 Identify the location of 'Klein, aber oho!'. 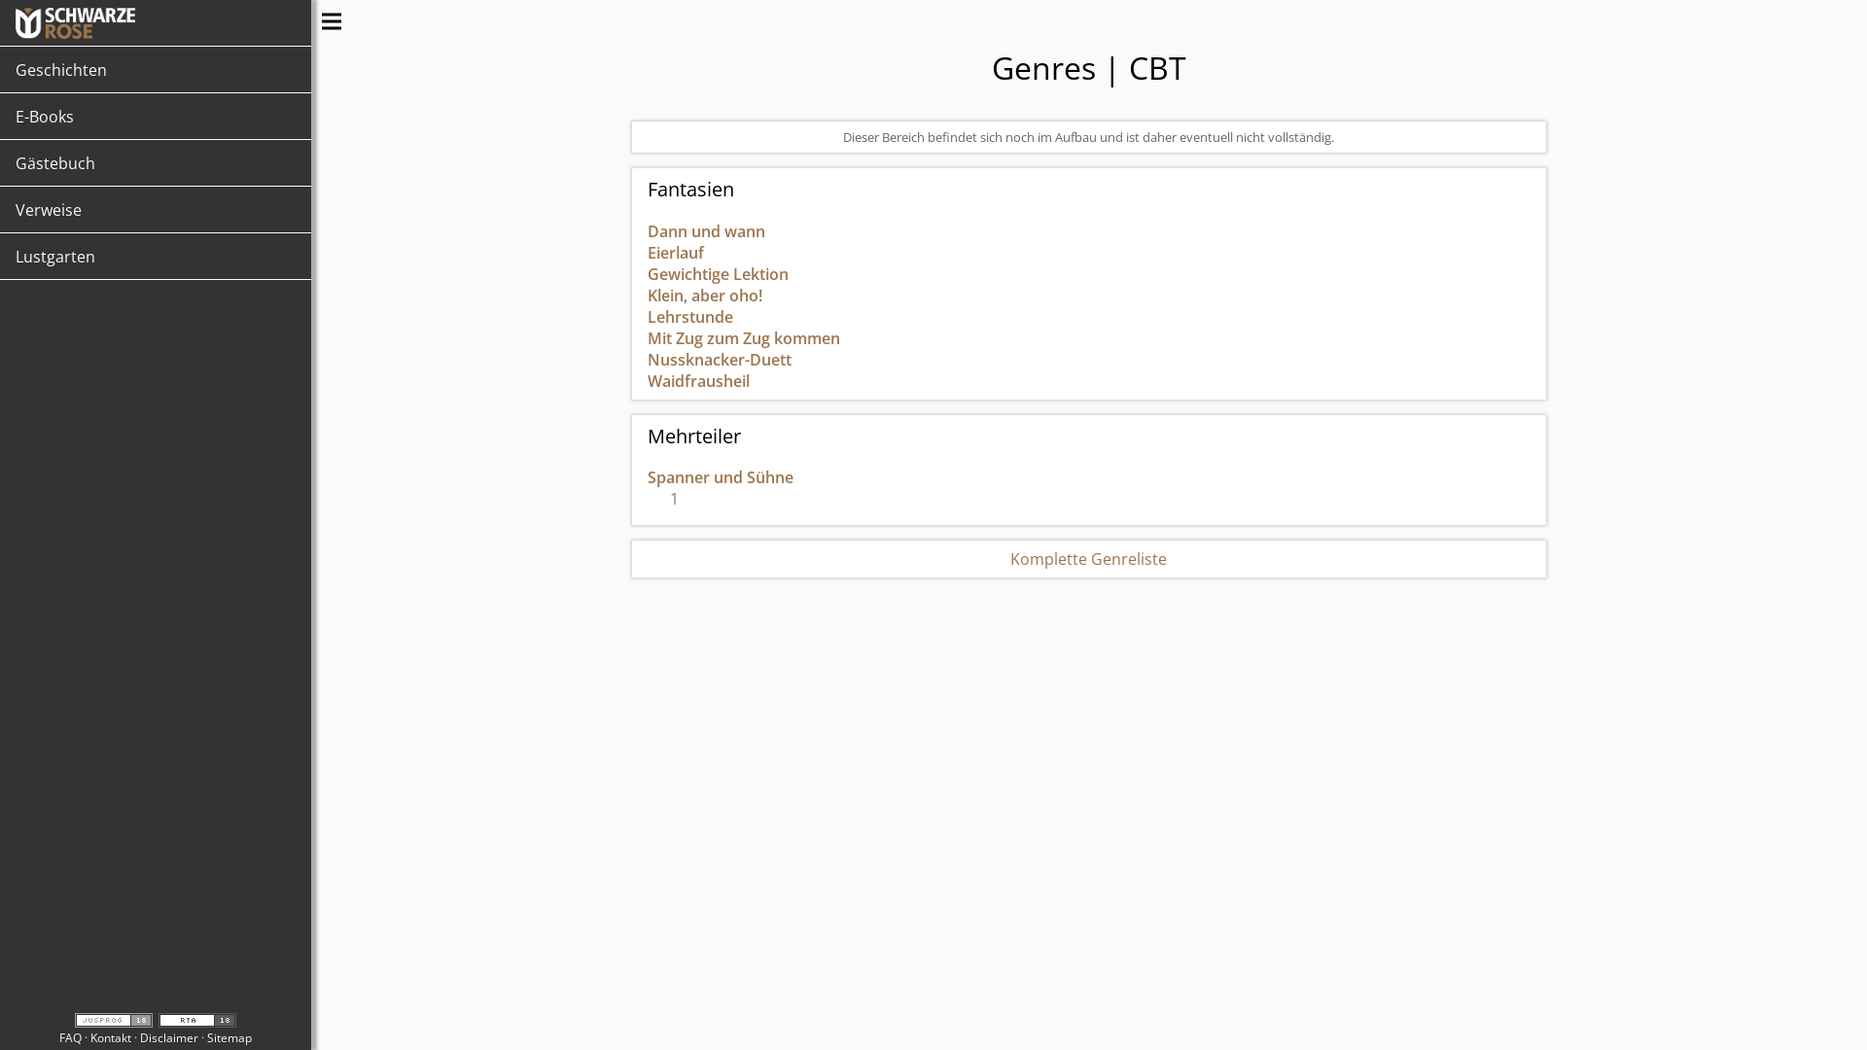
(703, 296).